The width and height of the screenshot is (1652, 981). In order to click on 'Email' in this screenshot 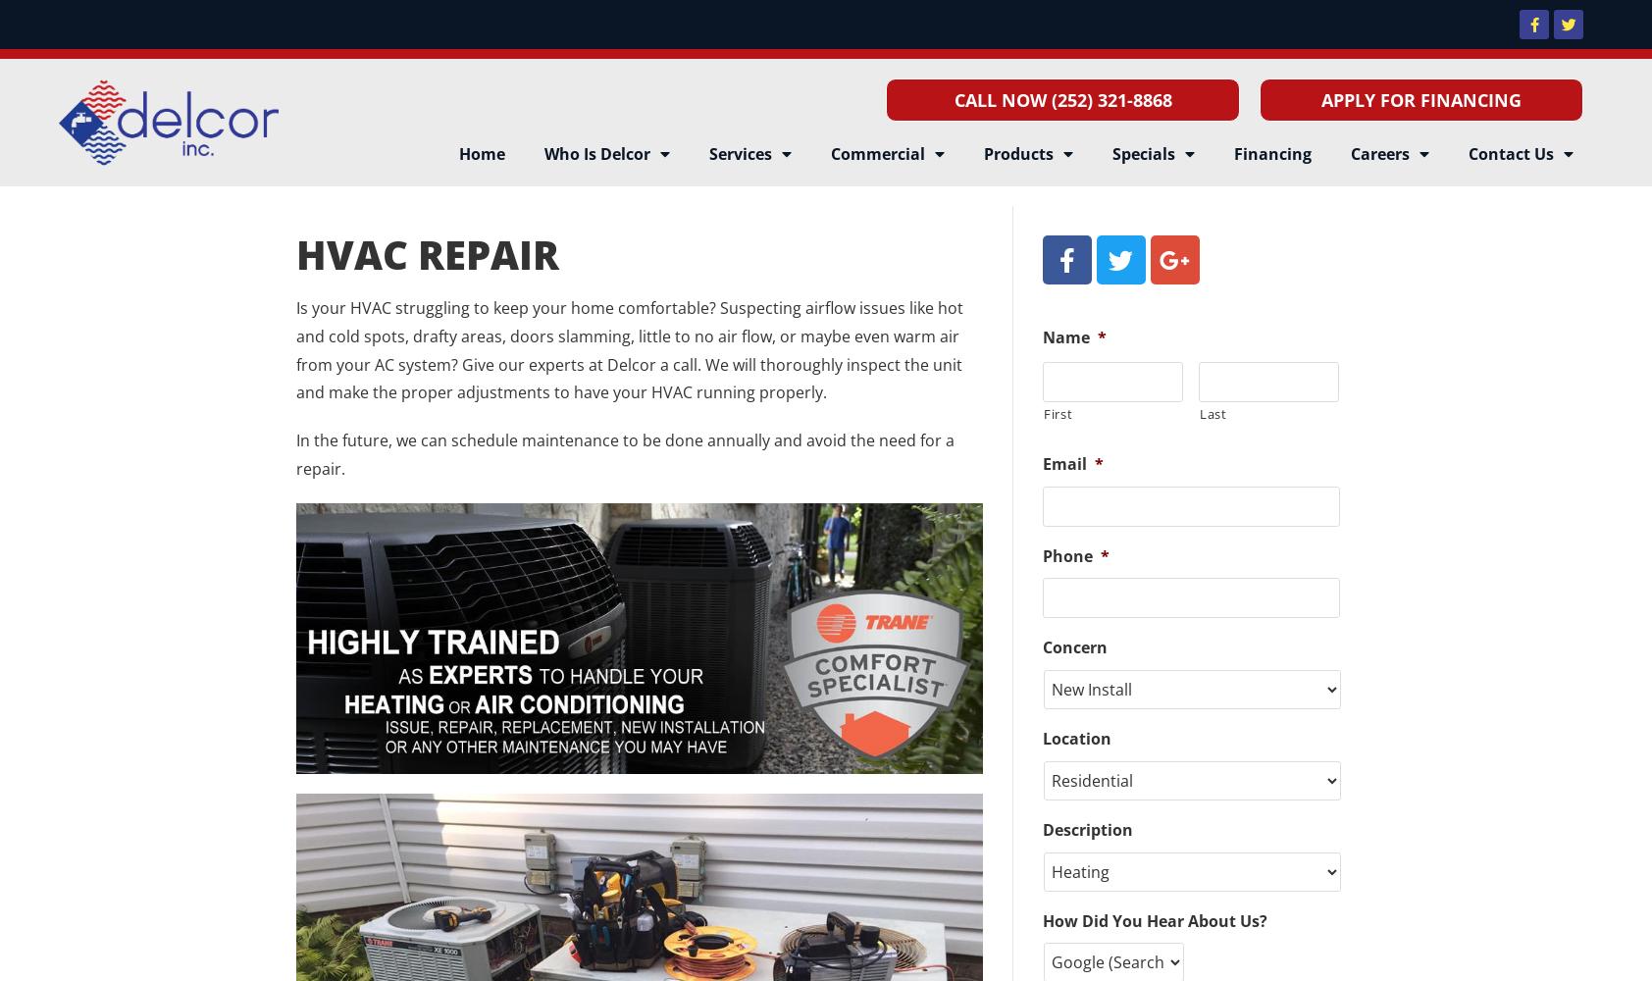, I will do `click(1063, 463)`.